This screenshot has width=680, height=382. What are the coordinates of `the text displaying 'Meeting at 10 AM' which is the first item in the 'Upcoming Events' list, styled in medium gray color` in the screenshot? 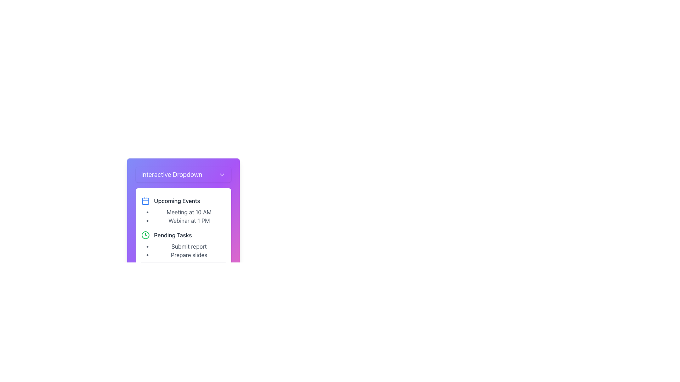 It's located at (189, 212).